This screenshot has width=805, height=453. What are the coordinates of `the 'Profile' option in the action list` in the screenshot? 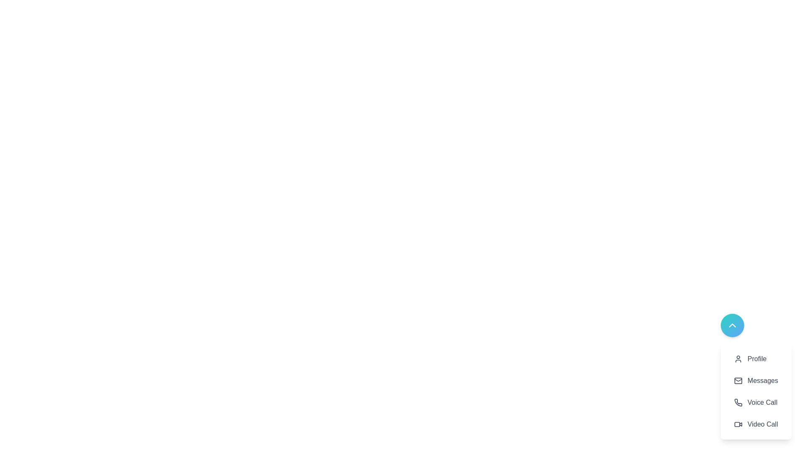 It's located at (756, 359).